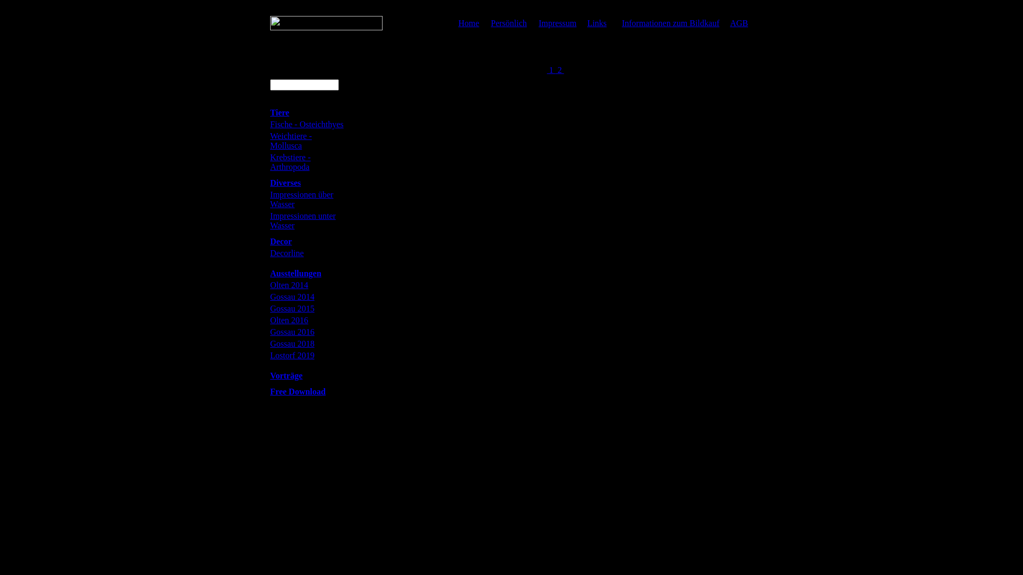 This screenshot has width=1023, height=575. Describe the element at coordinates (290, 162) in the screenshot. I see `'Krebstiere - Arthropoda'` at that location.